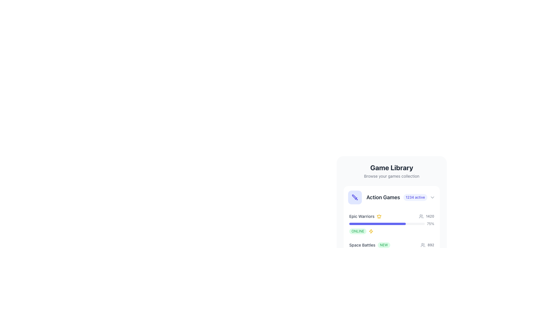  I want to click on the text label with the title 'Space Battles' and the badge 'NEW' located in the lower section of the card-style list under 'Action Games', so click(370, 245).